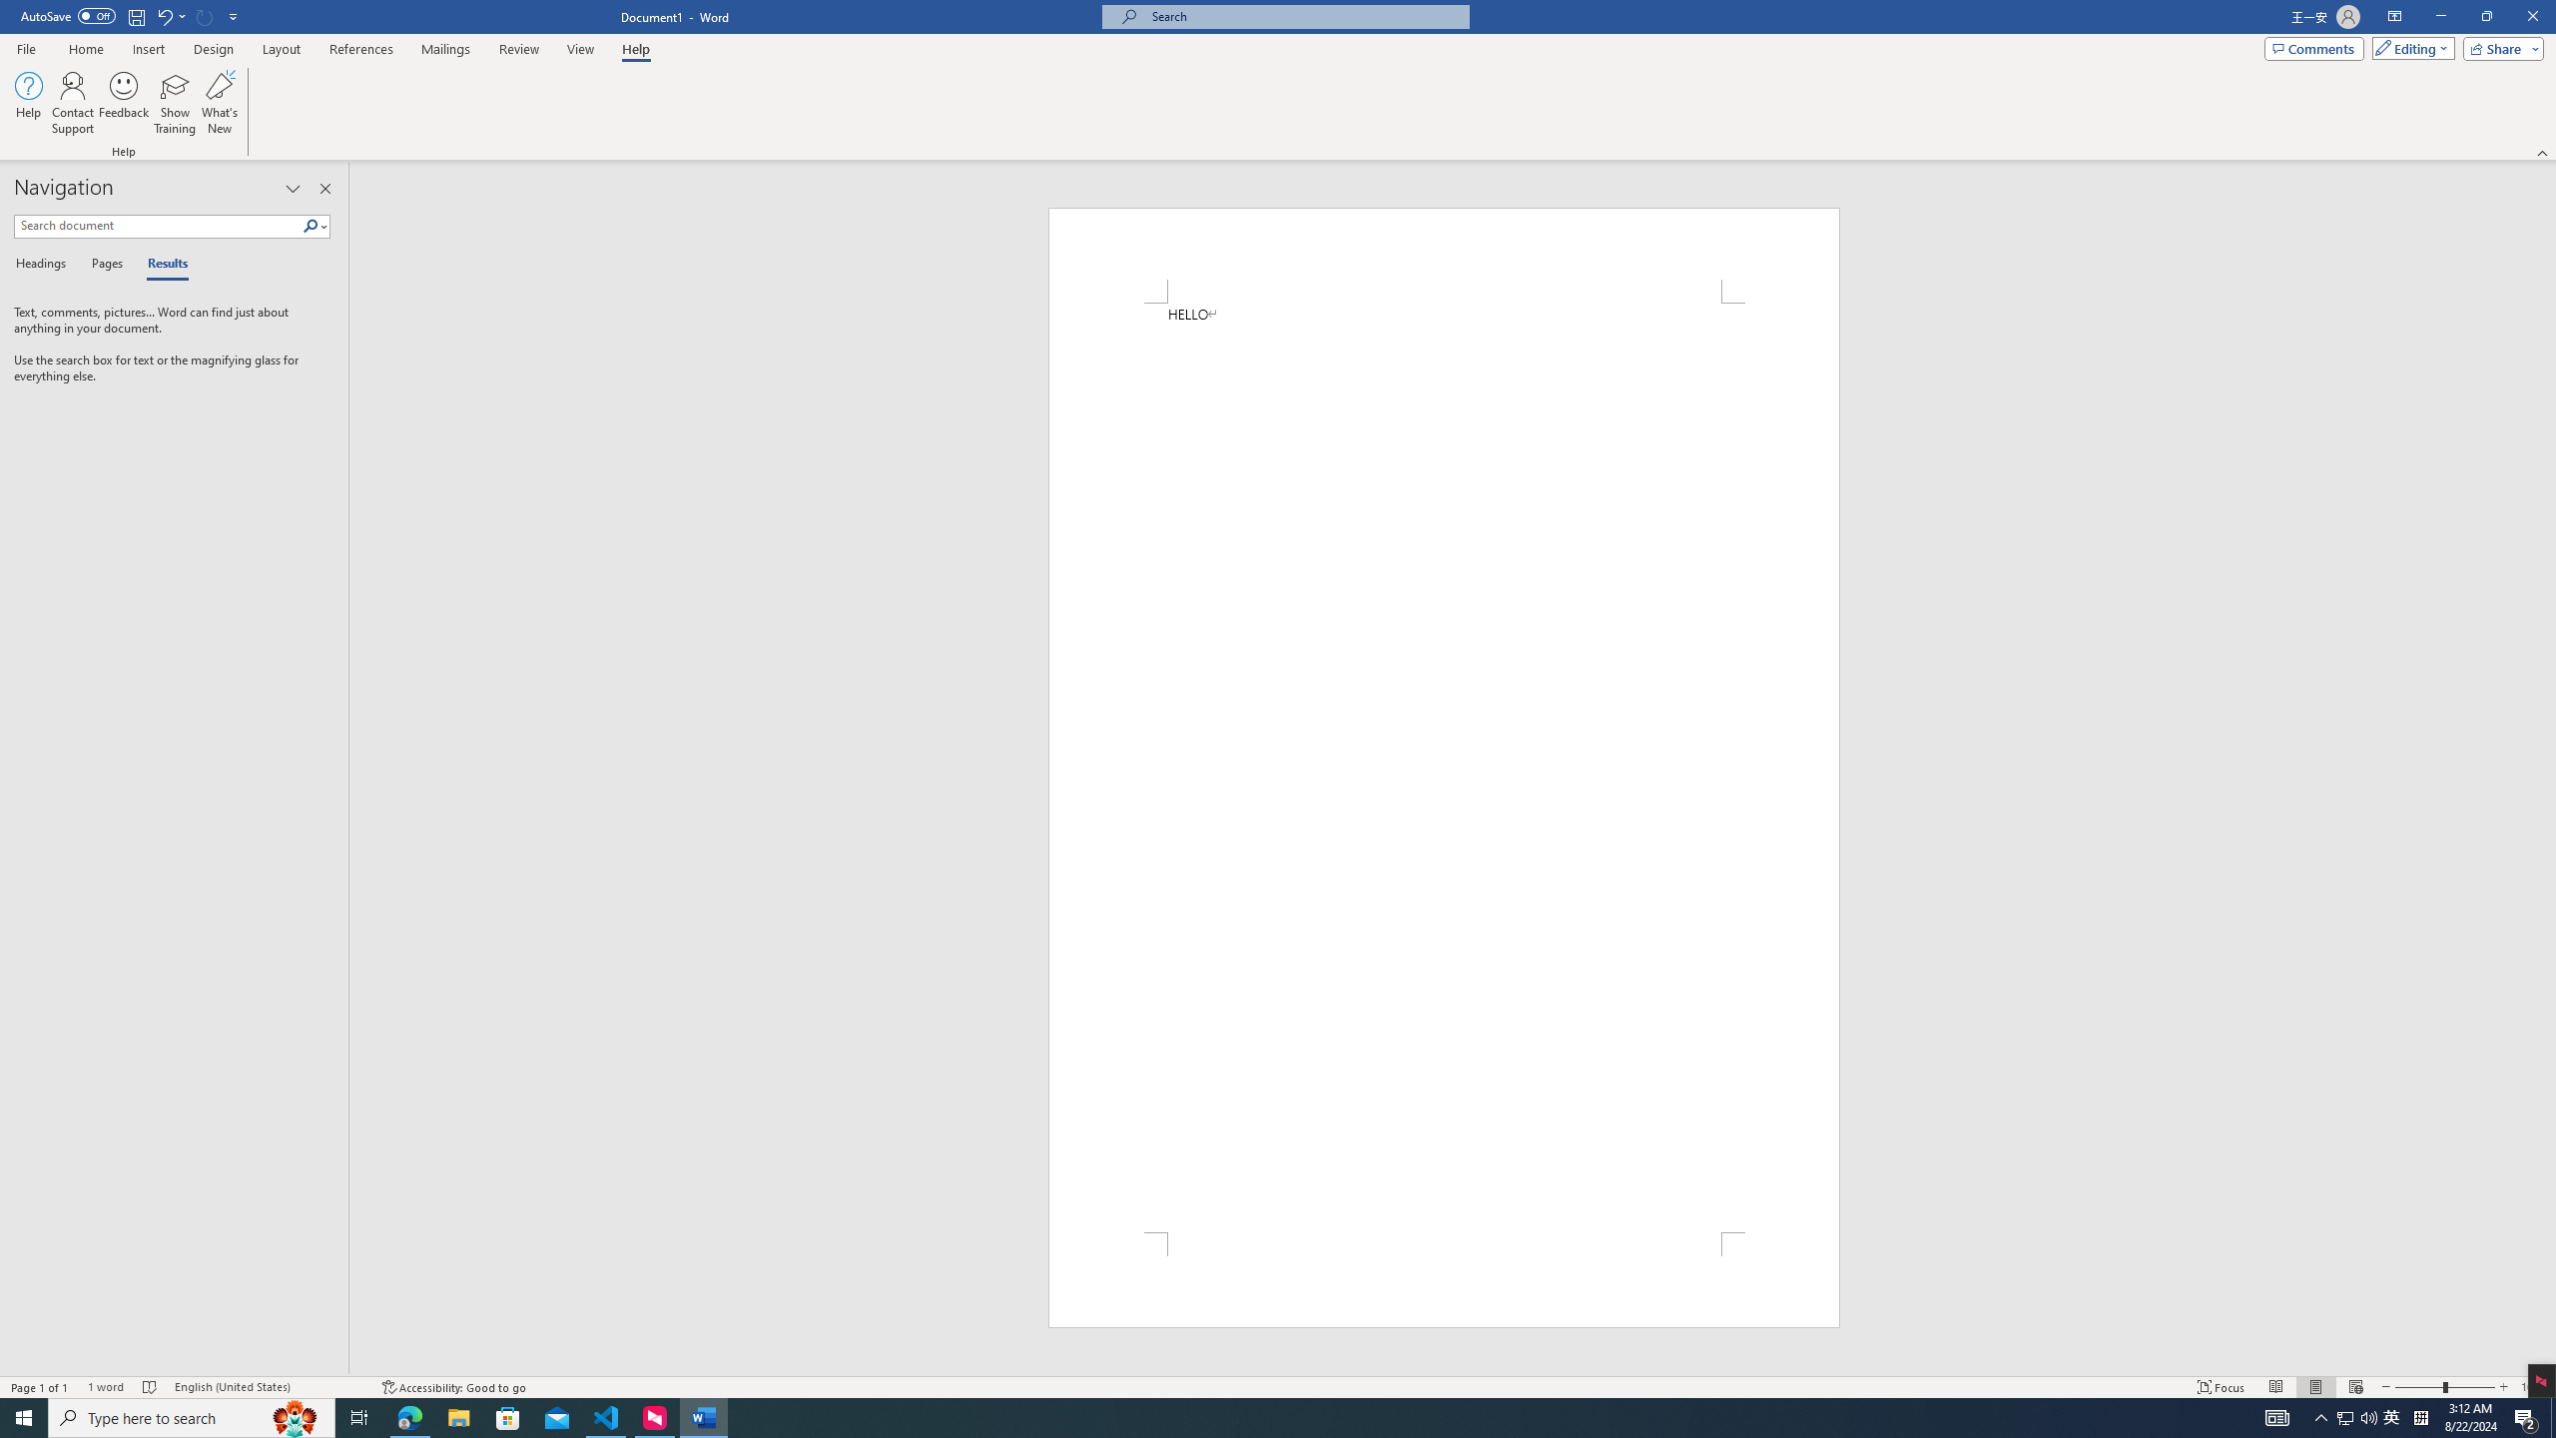 Image resolution: width=2556 pixels, height=1438 pixels. Describe the element at coordinates (85, 49) in the screenshot. I see `'Home'` at that location.